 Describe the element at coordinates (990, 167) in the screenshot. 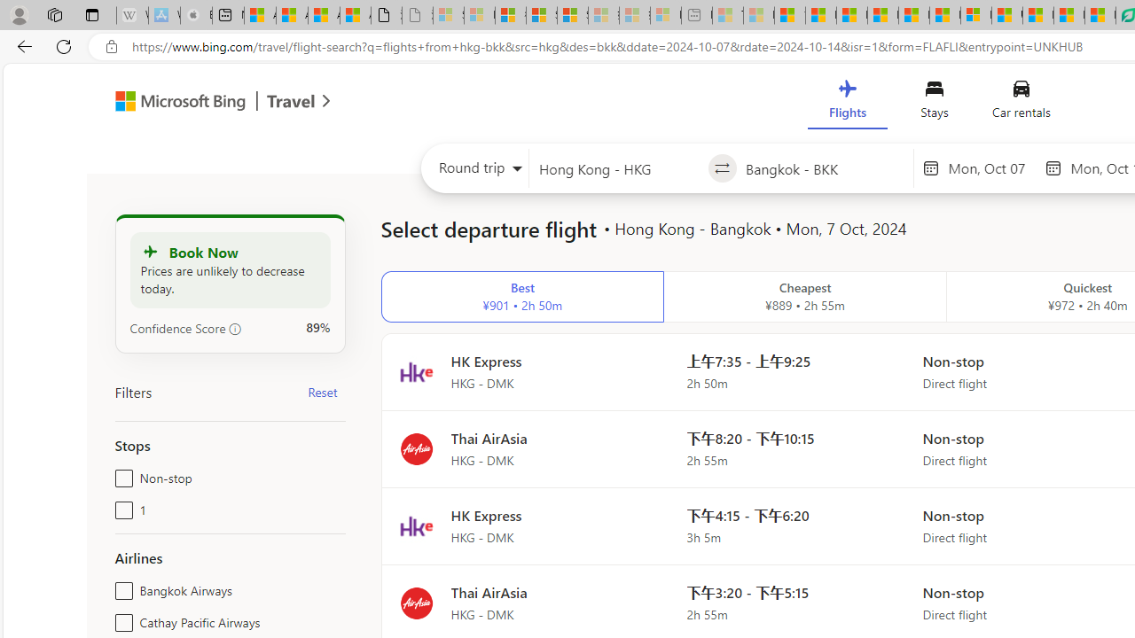

I see `'Start Date'` at that location.